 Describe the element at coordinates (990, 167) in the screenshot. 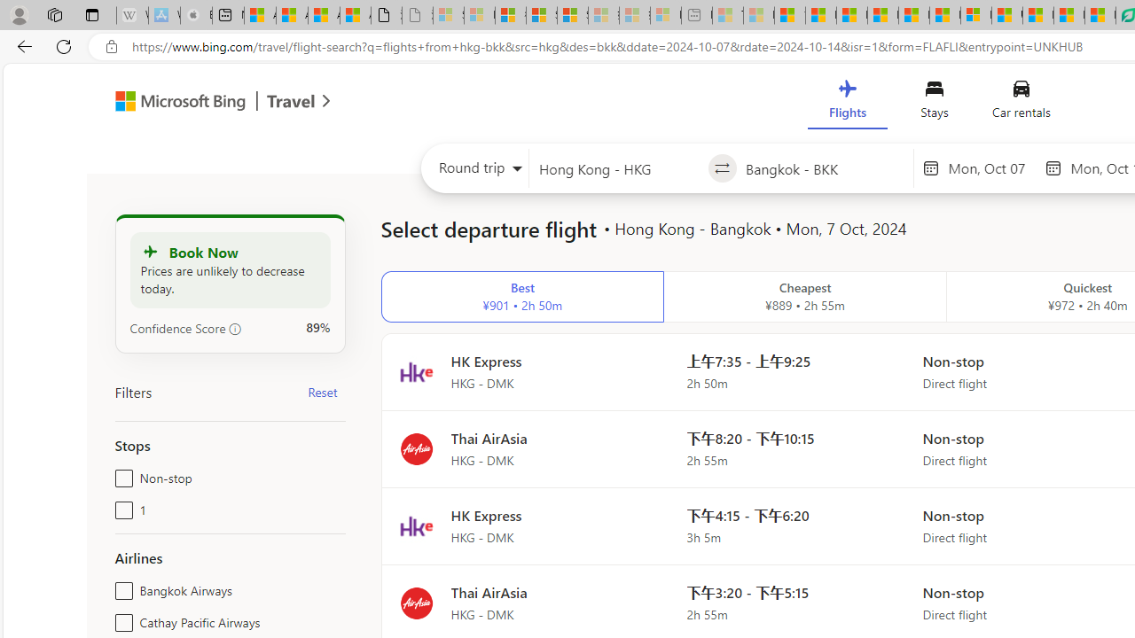

I see `'Start Date'` at that location.